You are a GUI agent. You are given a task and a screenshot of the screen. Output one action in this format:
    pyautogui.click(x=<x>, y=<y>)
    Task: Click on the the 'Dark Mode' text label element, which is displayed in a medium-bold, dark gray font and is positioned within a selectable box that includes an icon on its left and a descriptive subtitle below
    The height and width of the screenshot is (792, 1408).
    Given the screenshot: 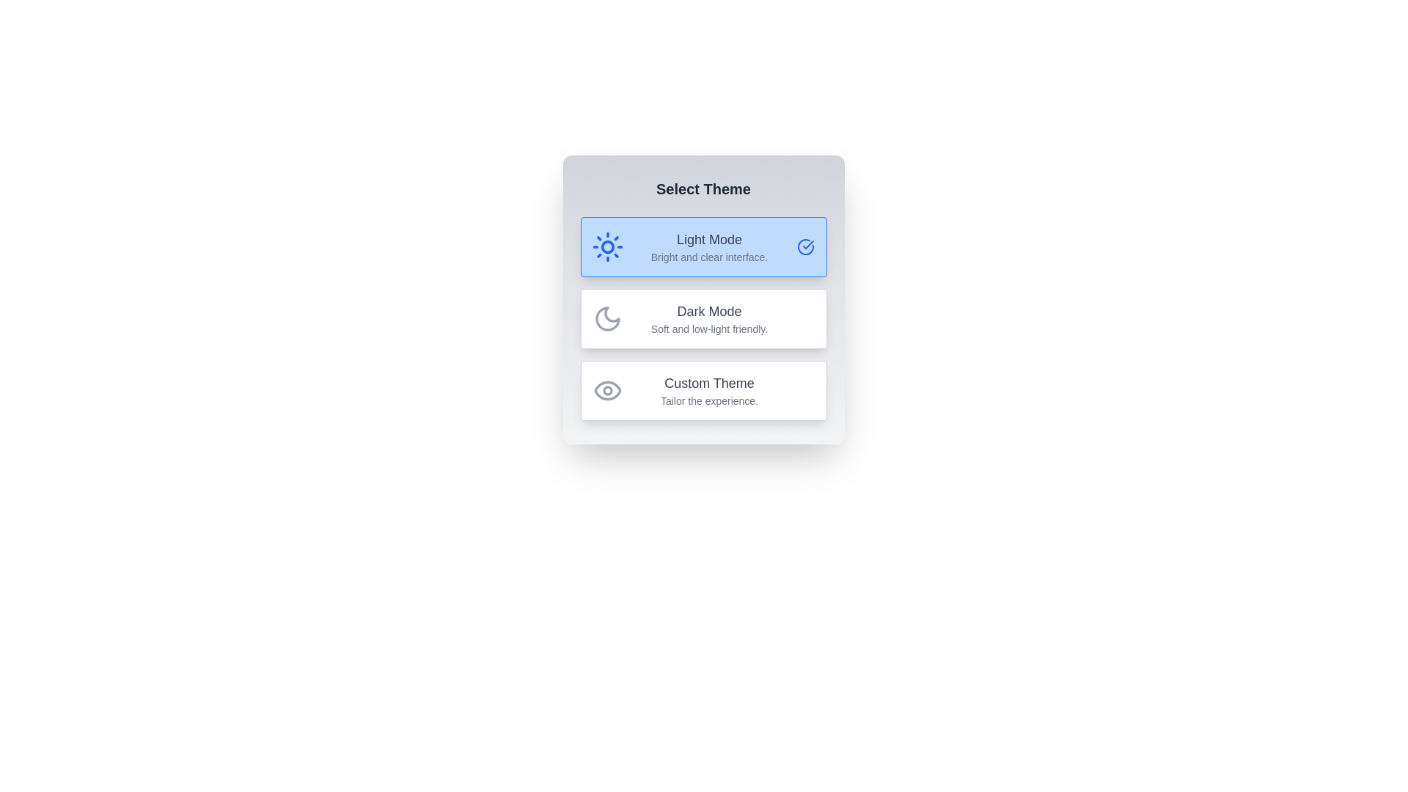 What is the action you would take?
    pyautogui.click(x=709, y=310)
    